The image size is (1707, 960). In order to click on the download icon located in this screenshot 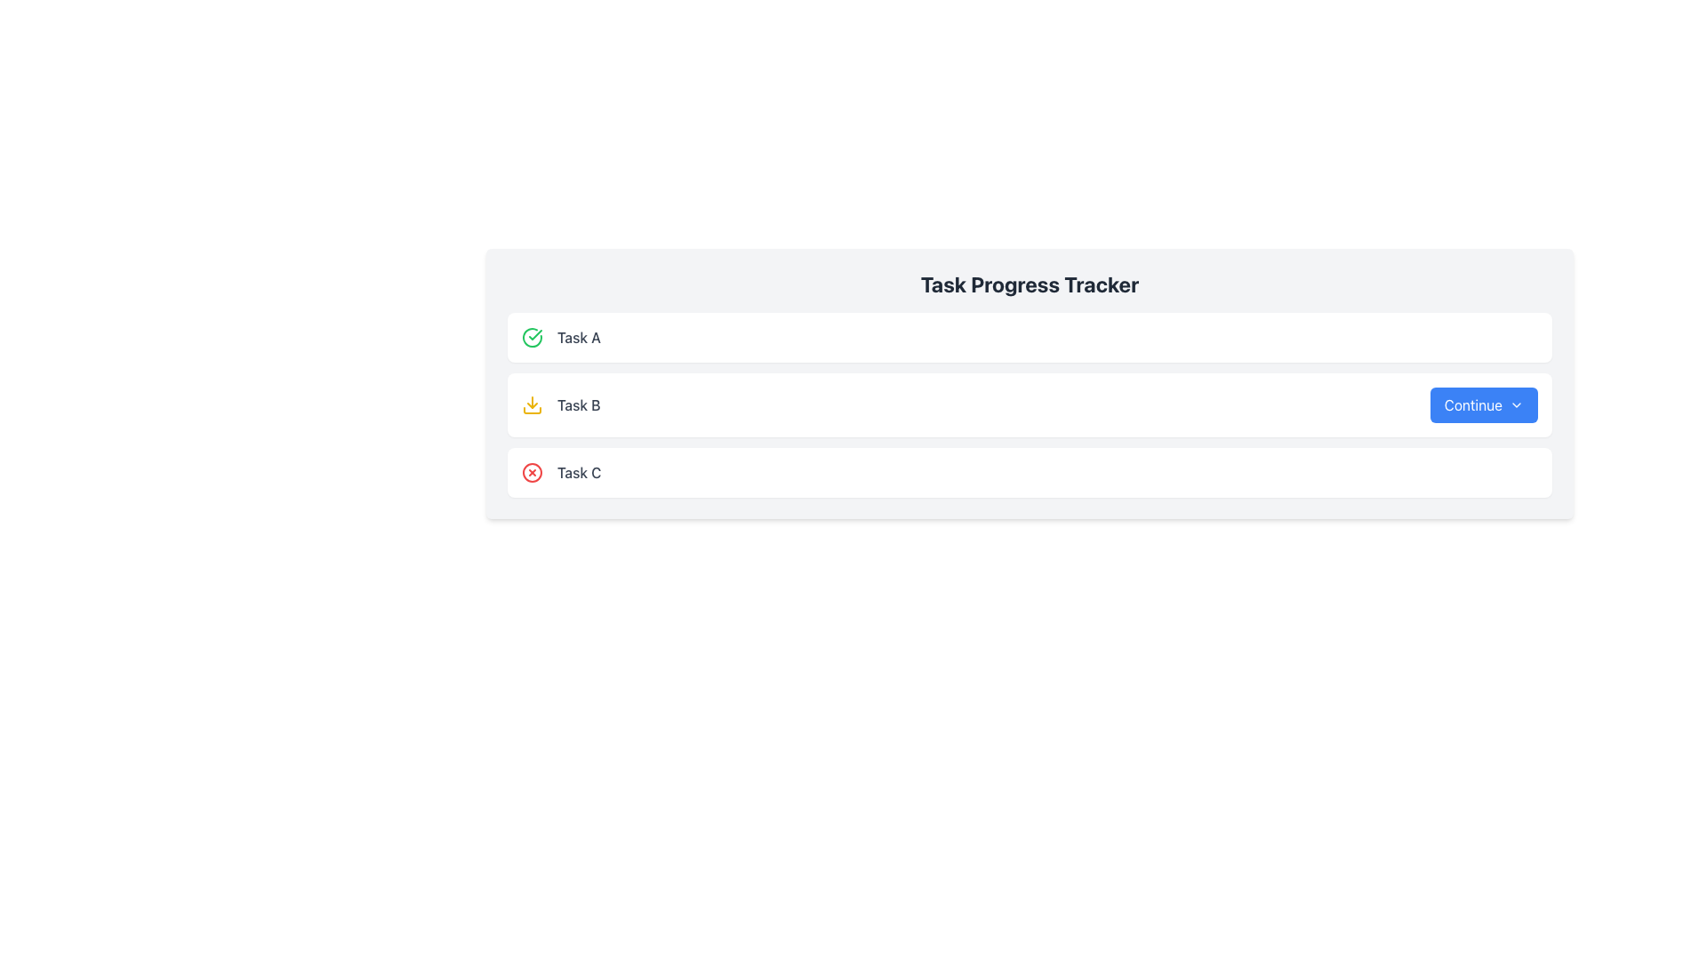, I will do `click(532, 404)`.